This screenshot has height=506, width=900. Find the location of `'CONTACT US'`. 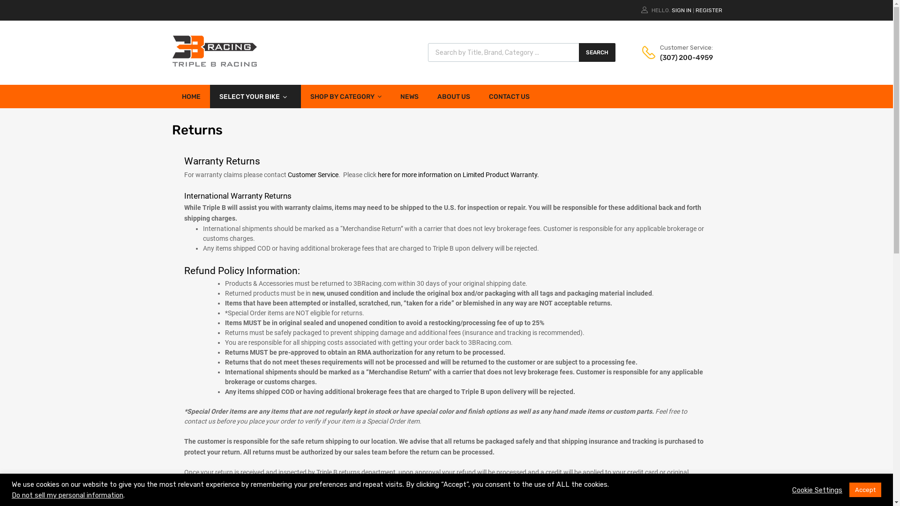

'CONTACT US' is located at coordinates (508, 96).